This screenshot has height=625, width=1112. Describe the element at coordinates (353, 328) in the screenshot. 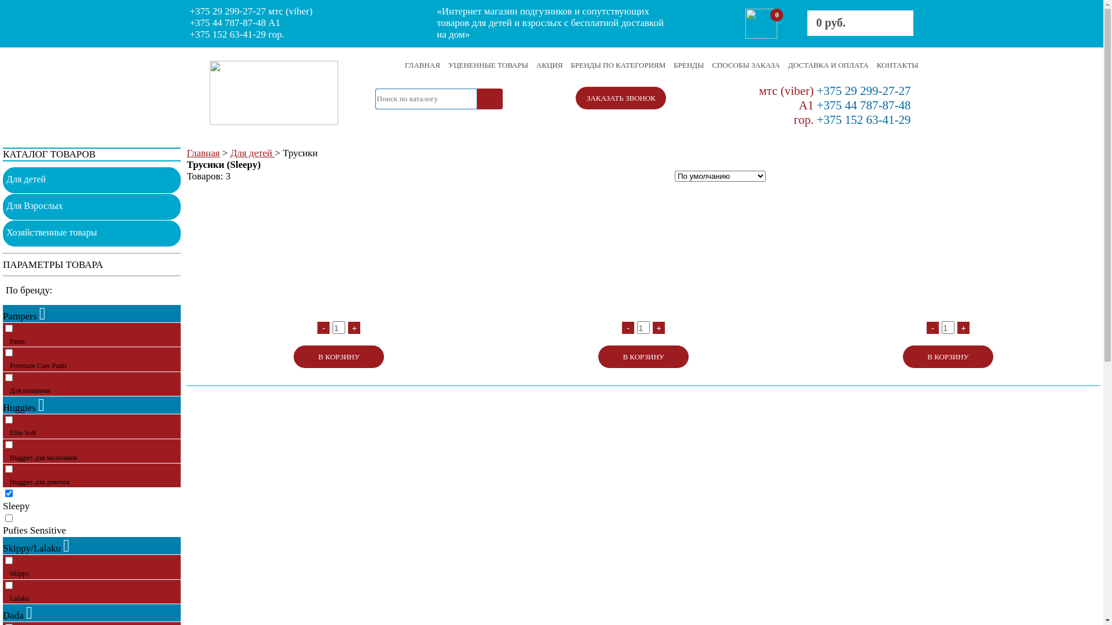

I see `'+'` at that location.